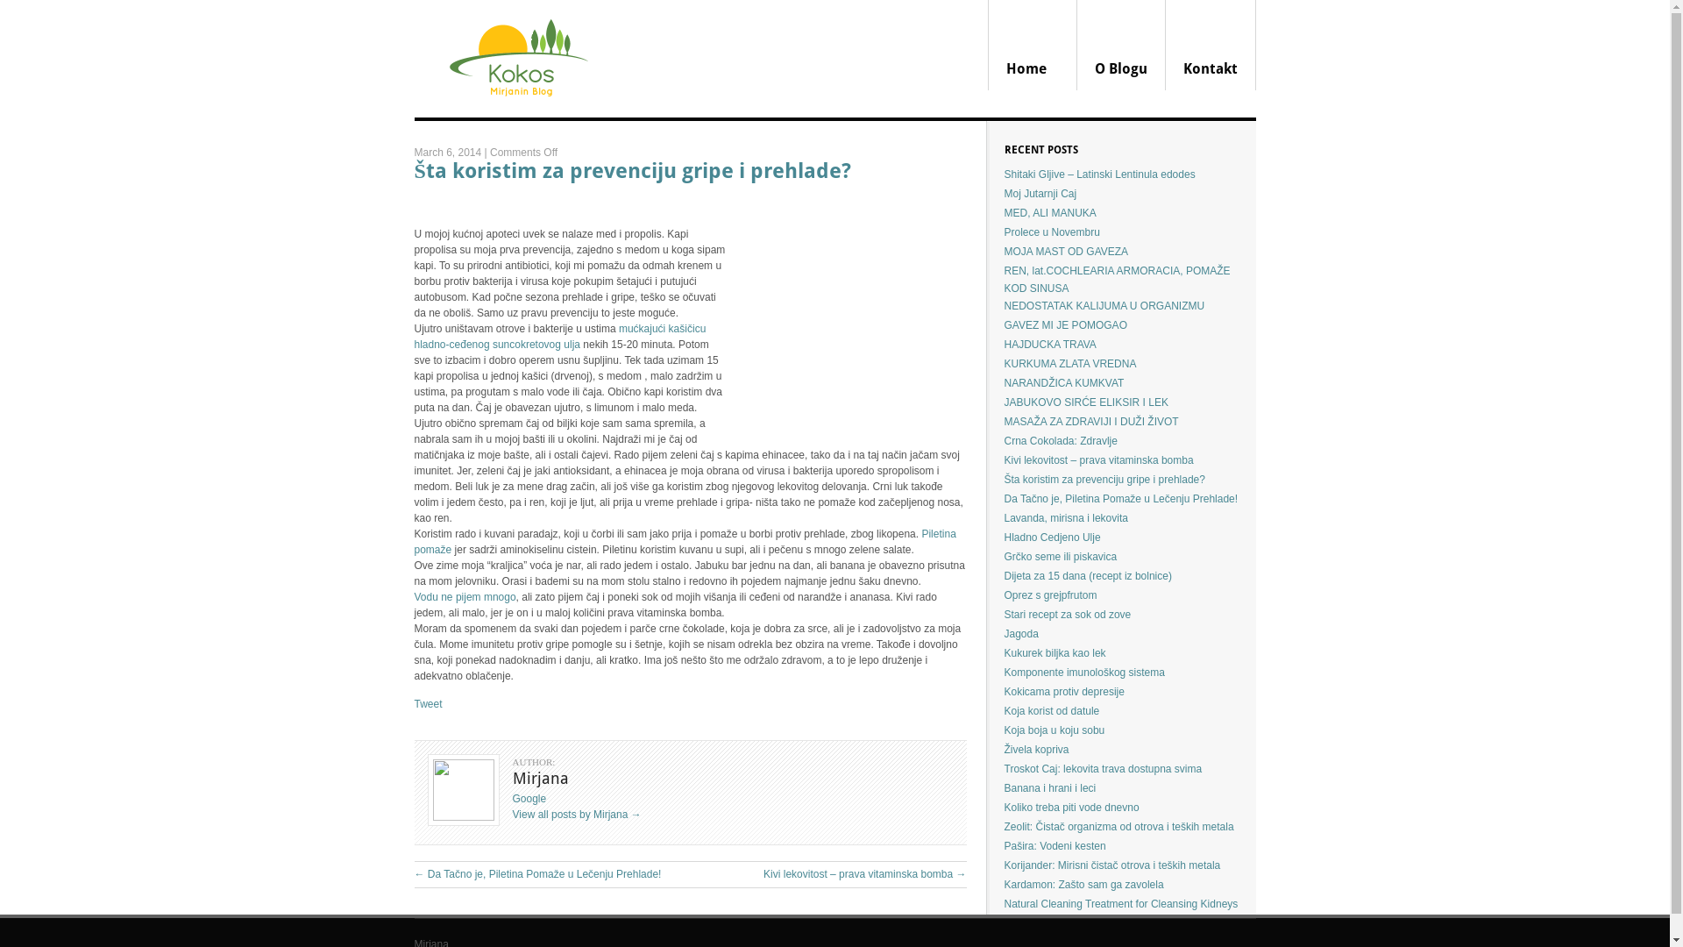 The width and height of the screenshot is (1683, 947). I want to click on 'Dijeta za 15 dana (recept iz bolnice)', so click(1005, 575).